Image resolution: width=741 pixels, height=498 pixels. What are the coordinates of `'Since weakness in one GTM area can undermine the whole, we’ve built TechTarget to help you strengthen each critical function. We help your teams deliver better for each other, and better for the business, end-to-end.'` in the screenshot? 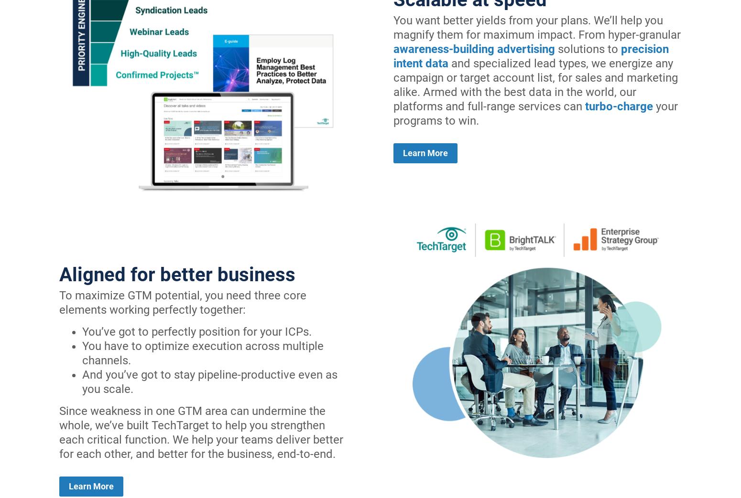 It's located at (201, 432).